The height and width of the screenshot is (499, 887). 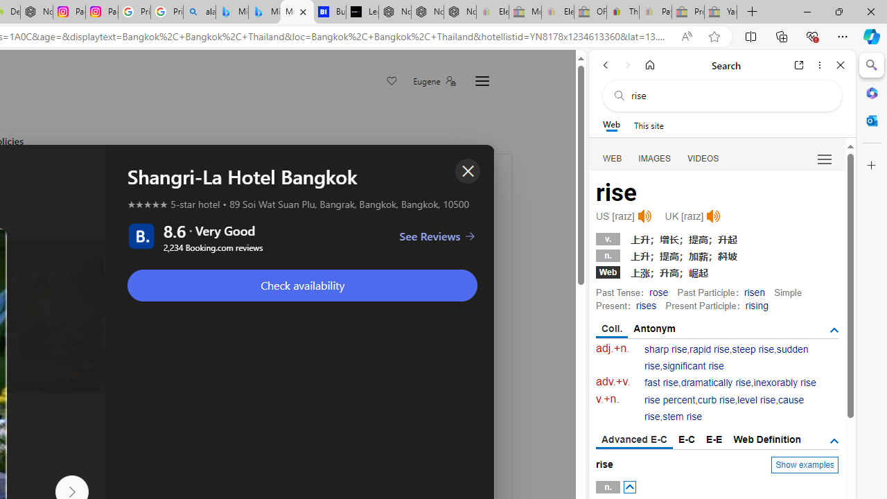 What do you see at coordinates (766, 439) in the screenshot?
I see `'Web Definition'` at bounding box center [766, 439].